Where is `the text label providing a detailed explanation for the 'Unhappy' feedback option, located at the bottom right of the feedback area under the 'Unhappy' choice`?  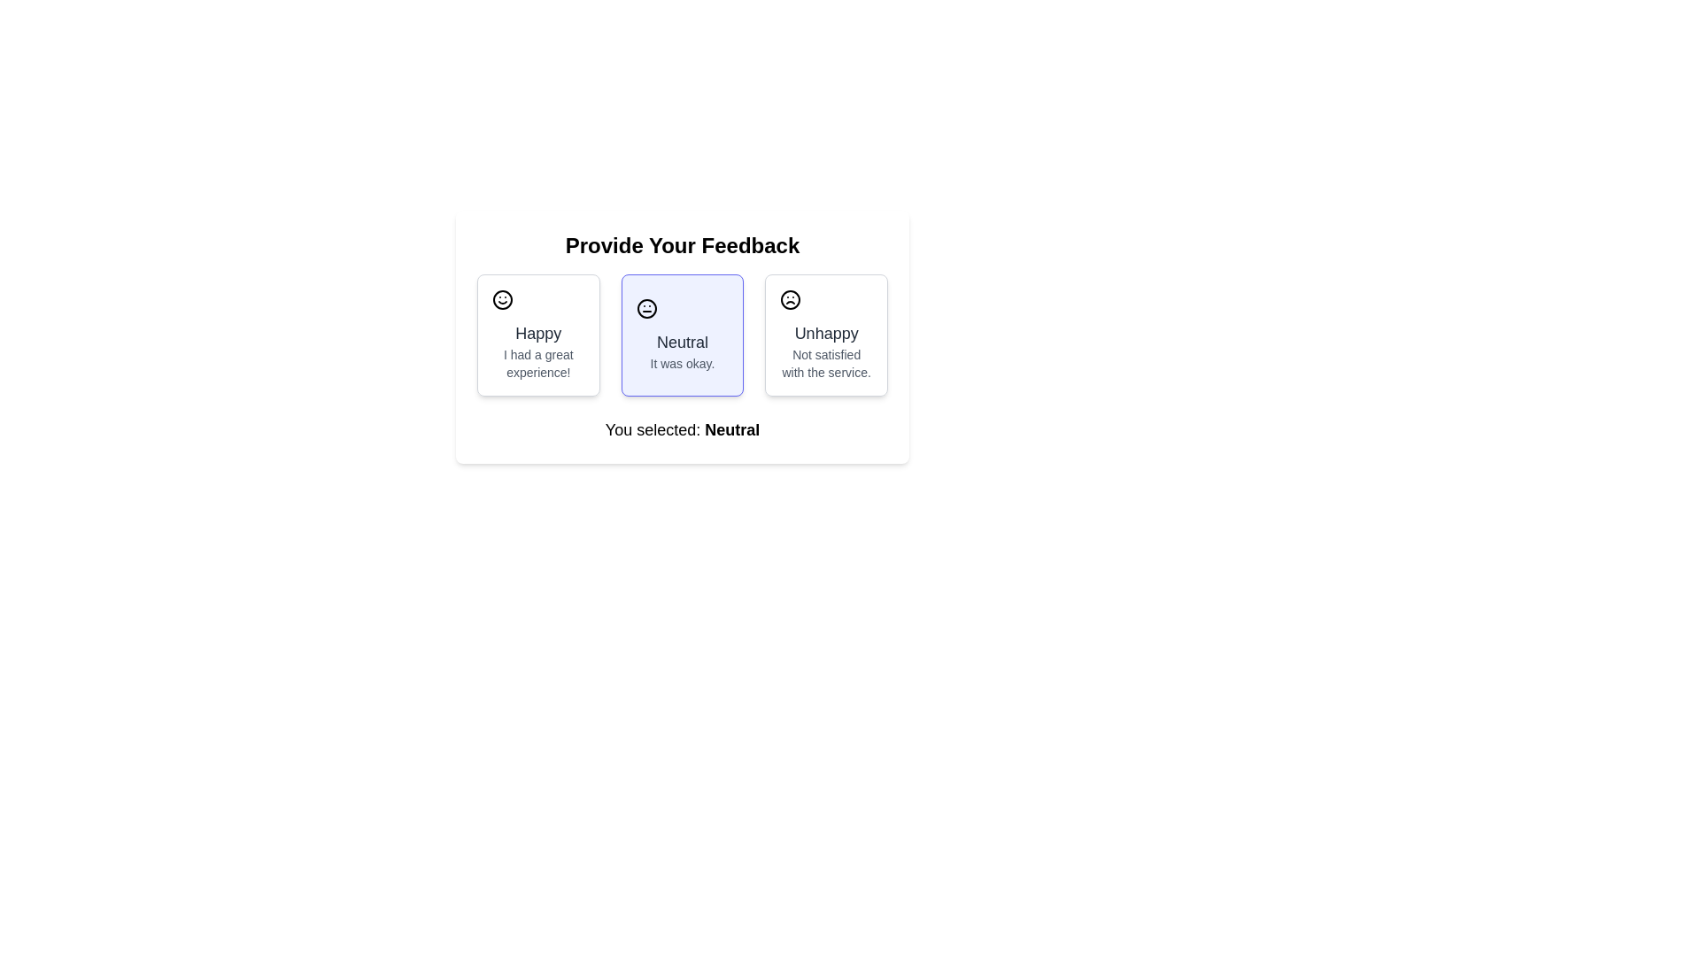
the text label providing a detailed explanation for the 'Unhappy' feedback option, located at the bottom right of the feedback area under the 'Unhappy' choice is located at coordinates (825, 363).